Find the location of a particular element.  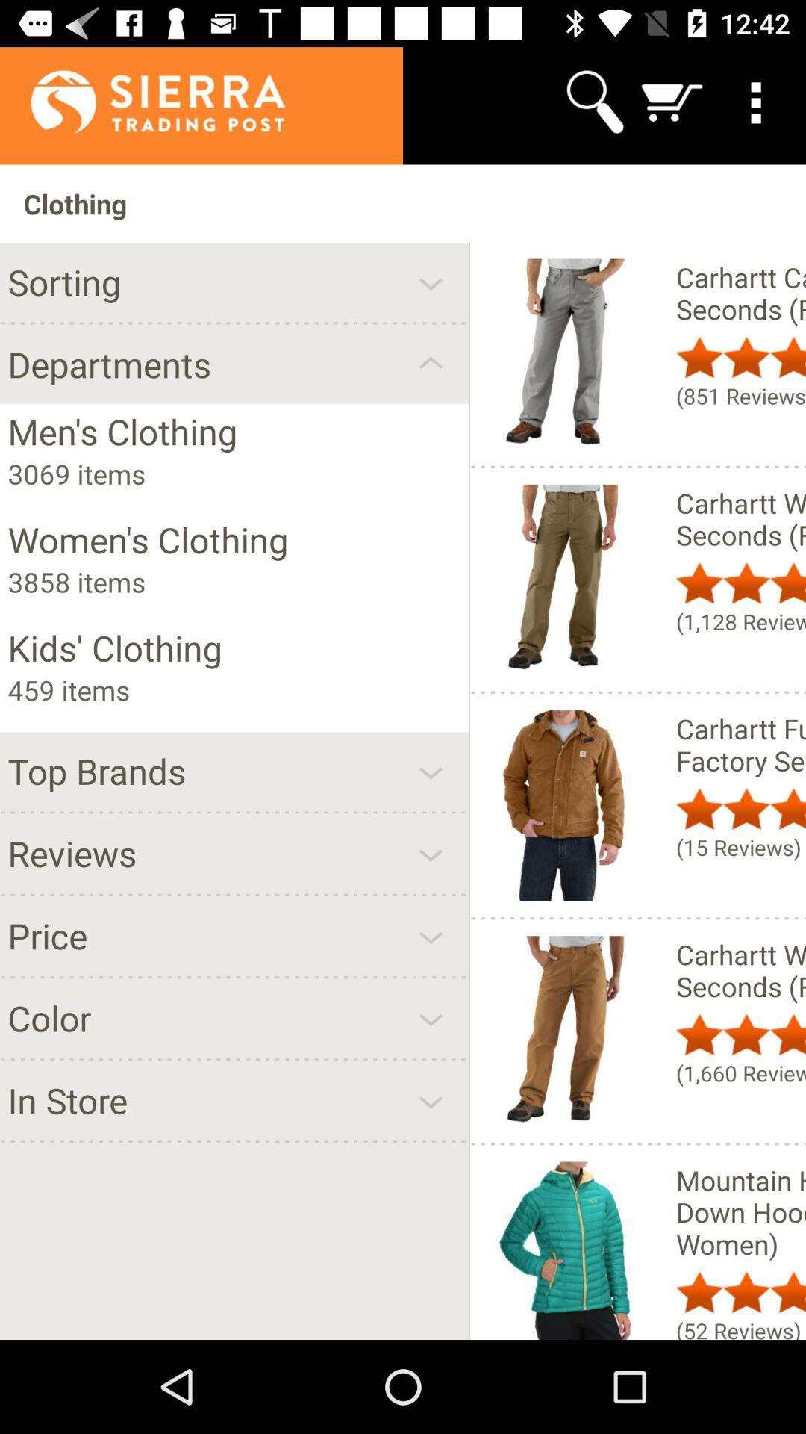

the icon above the clothing icon is located at coordinates (672, 101).